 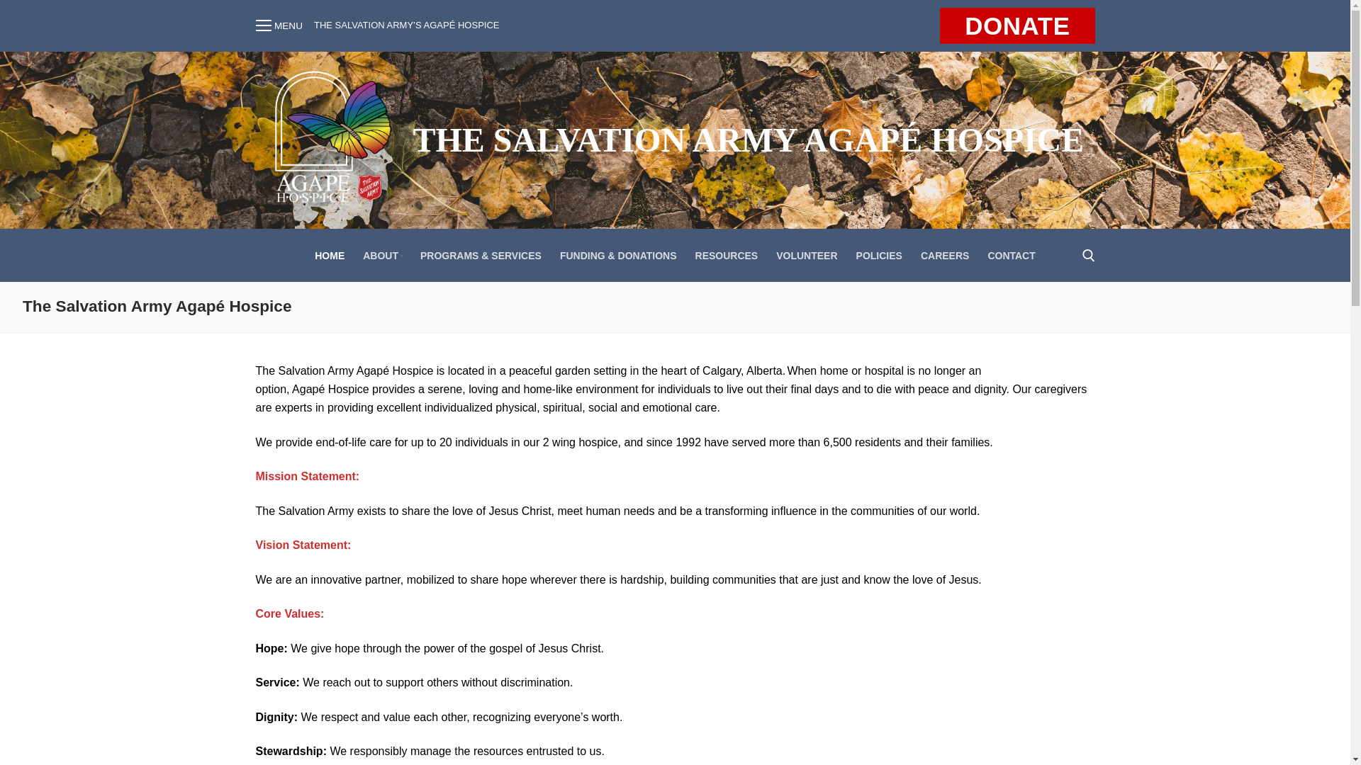 I want to click on 'PROGRAMS & SERVICES', so click(x=481, y=256).